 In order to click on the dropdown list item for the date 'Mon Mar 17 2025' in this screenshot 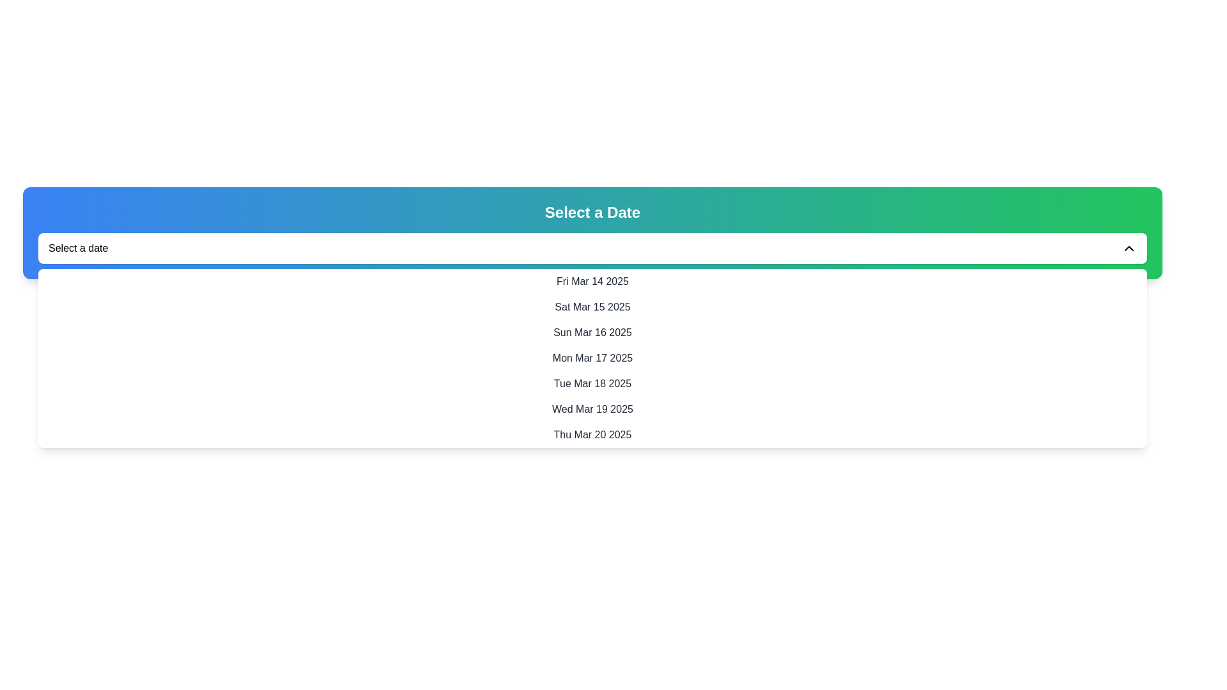, I will do `click(592, 358)`.